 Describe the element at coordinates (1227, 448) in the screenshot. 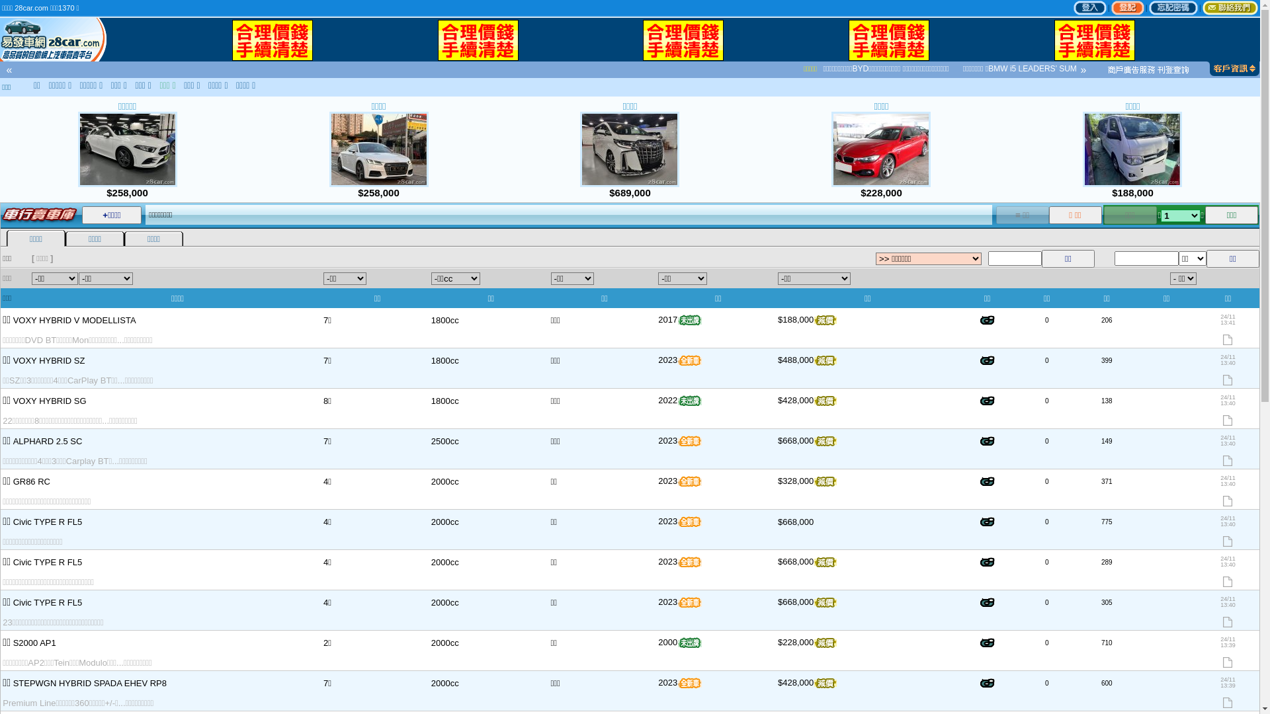

I see `'24/11` at that location.